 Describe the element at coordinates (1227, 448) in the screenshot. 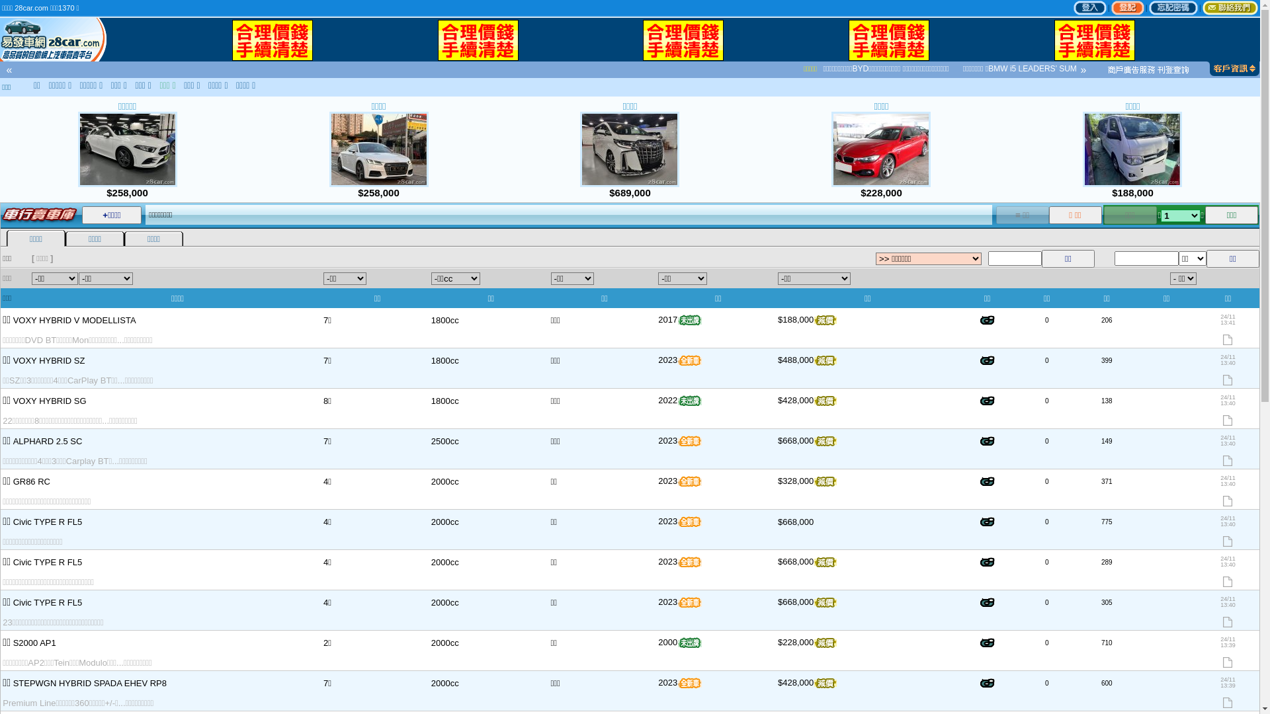

I see `'24/11` at that location.